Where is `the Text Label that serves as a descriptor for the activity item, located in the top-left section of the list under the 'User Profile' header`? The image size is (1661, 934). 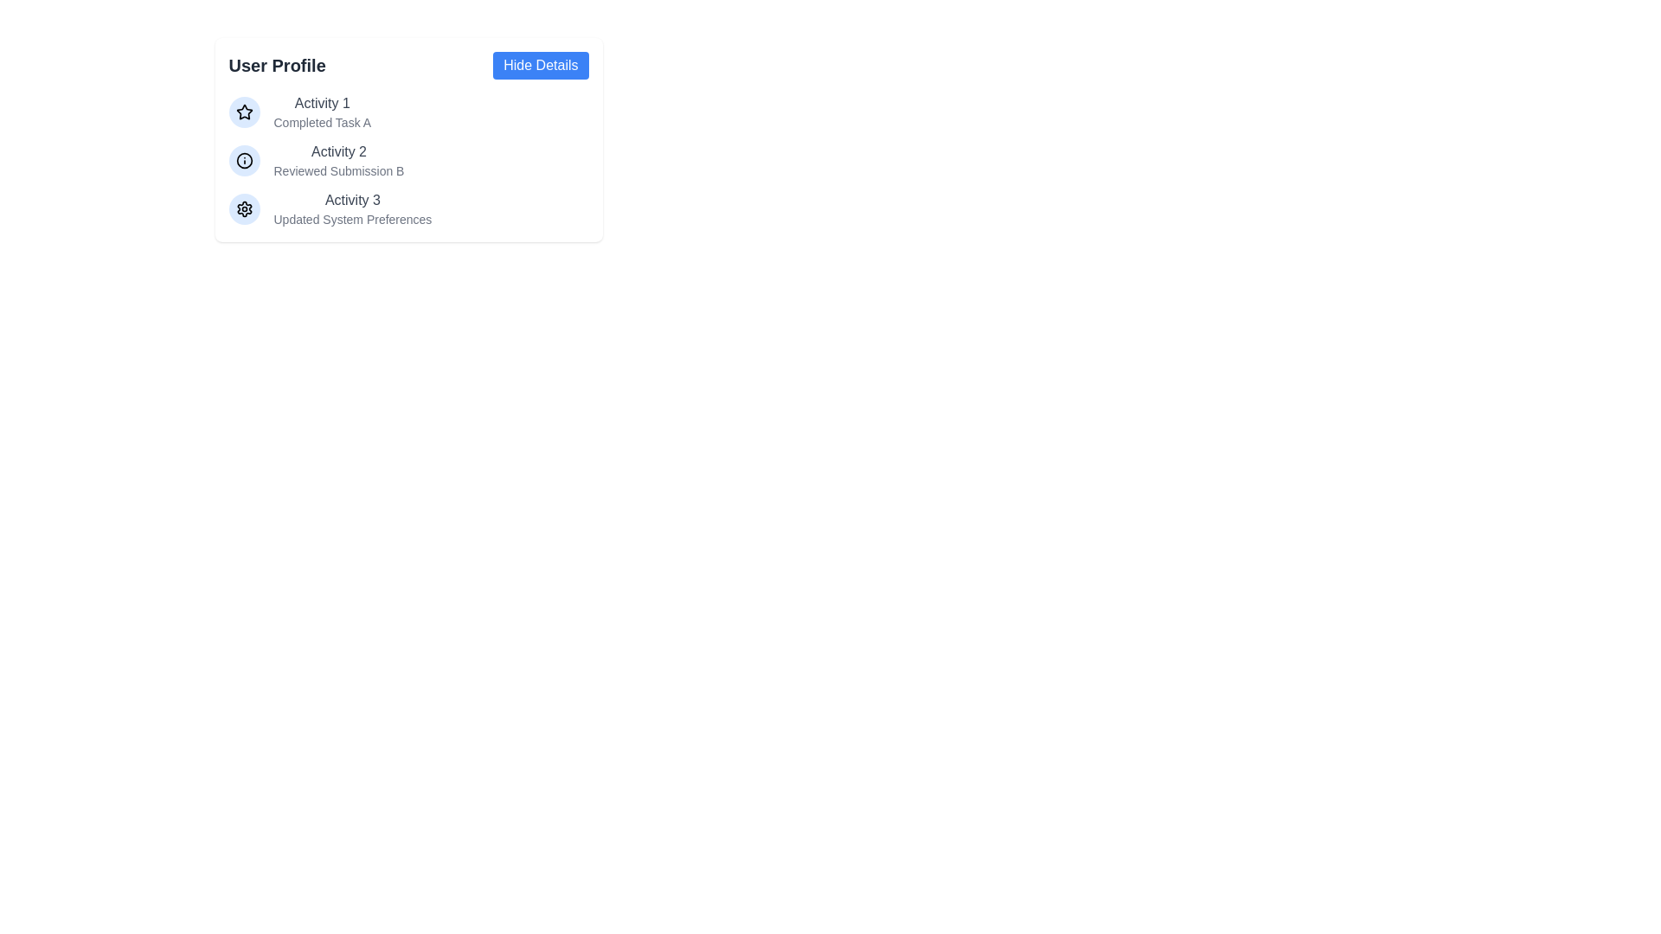 the Text Label that serves as a descriptor for the activity item, located in the top-left section of the list under the 'User Profile' header is located at coordinates (322, 103).